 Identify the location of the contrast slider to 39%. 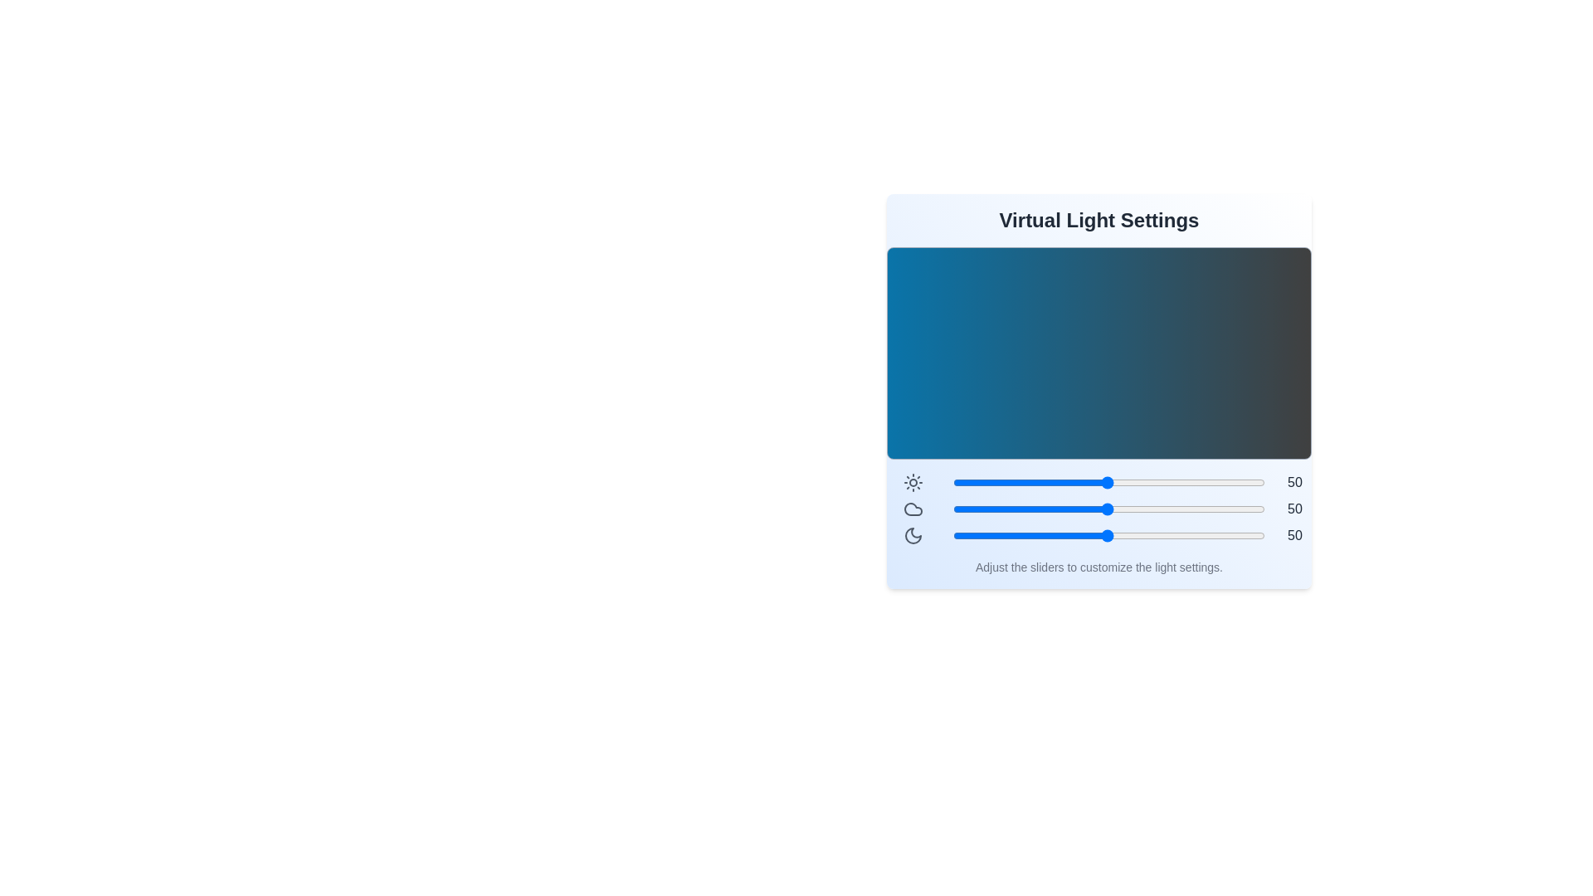
(1073, 483).